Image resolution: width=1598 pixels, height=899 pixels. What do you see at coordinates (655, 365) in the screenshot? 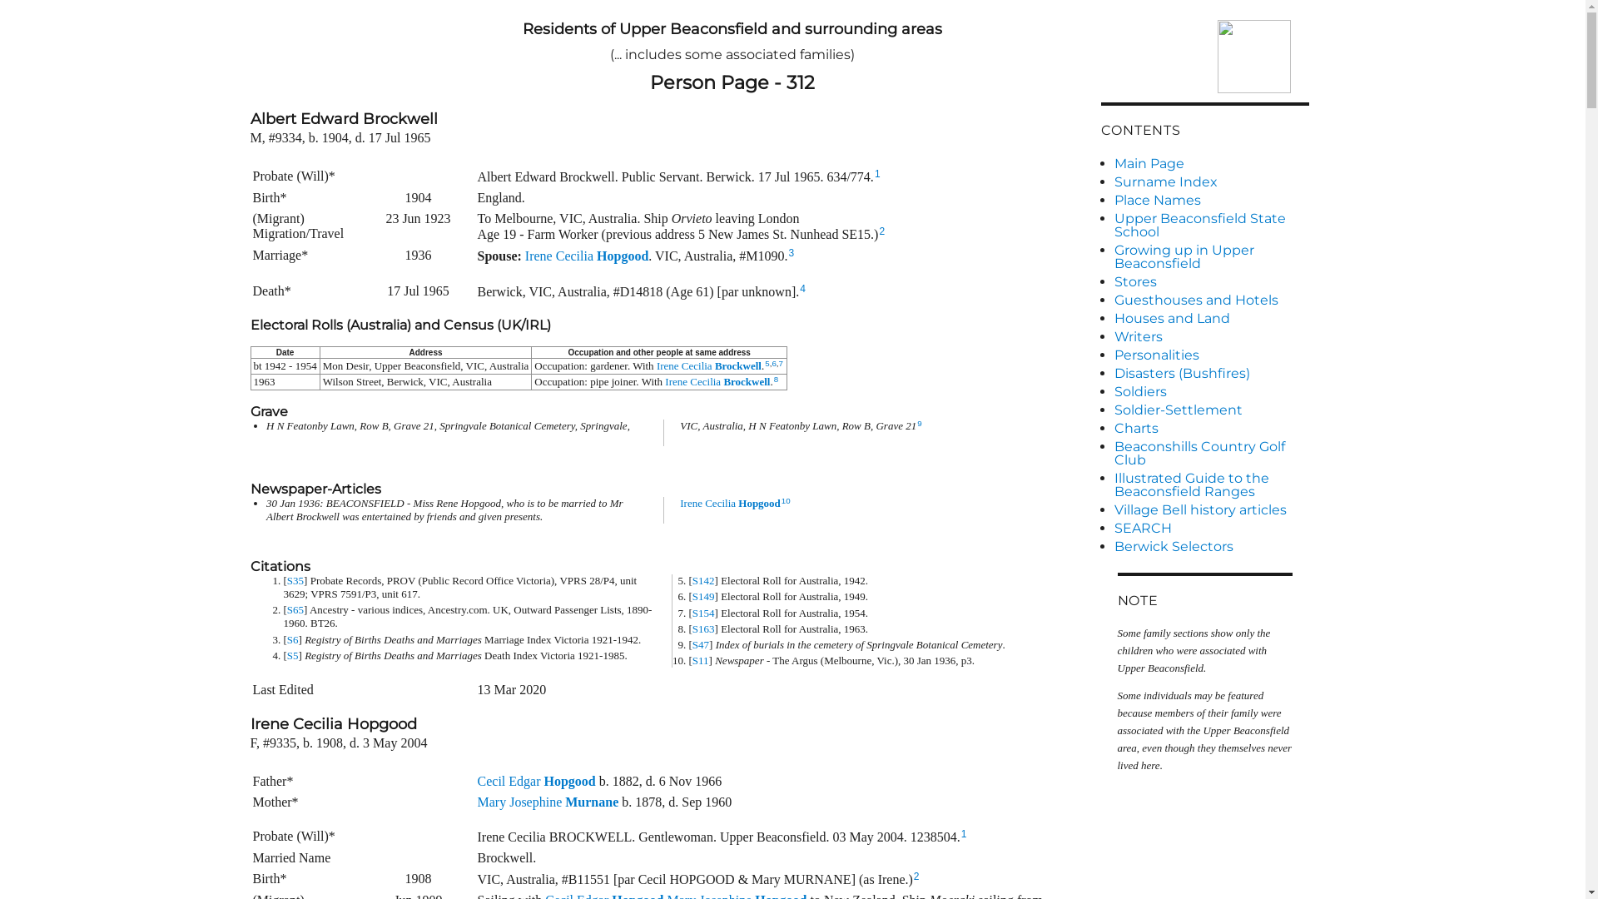
I see `'Irene Cecilia Brockwell'` at bounding box center [655, 365].